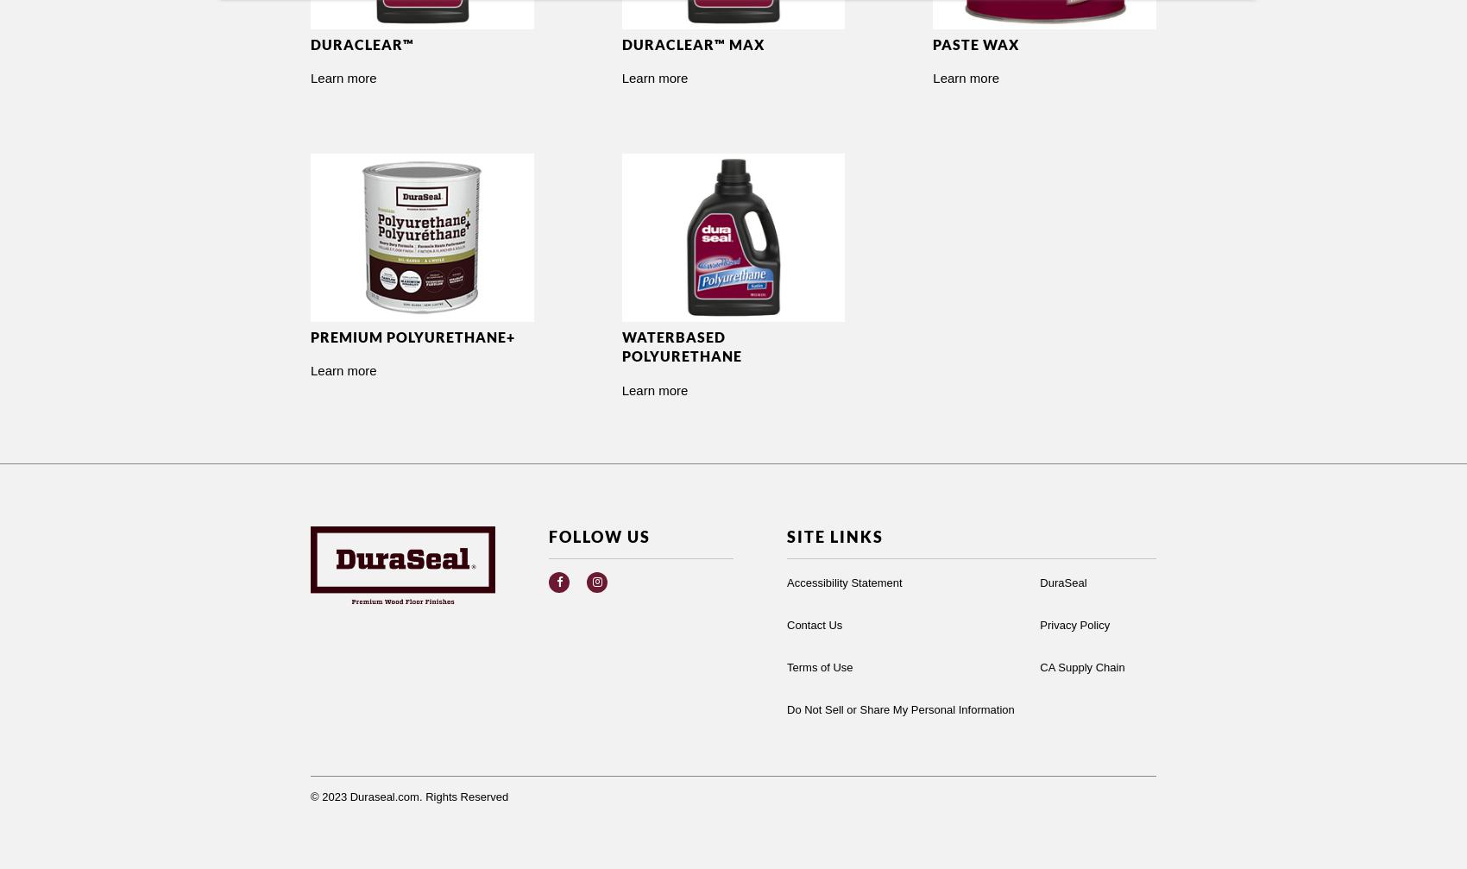  I want to click on 'DuraSeal', so click(1061, 581).